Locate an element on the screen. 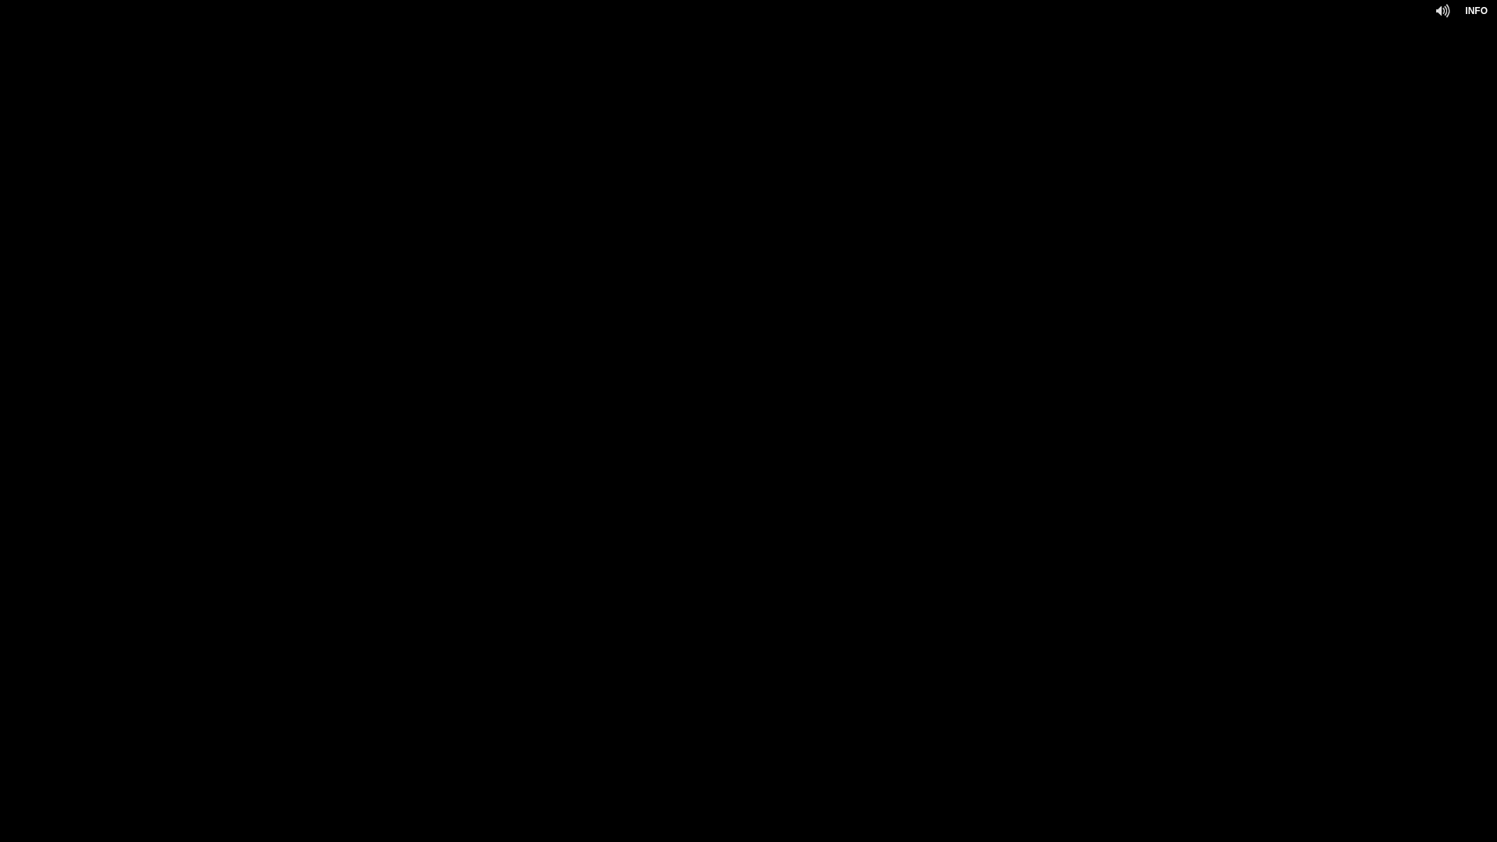 Image resolution: width=1497 pixels, height=842 pixels. 'INFO' is located at coordinates (1475, 11).